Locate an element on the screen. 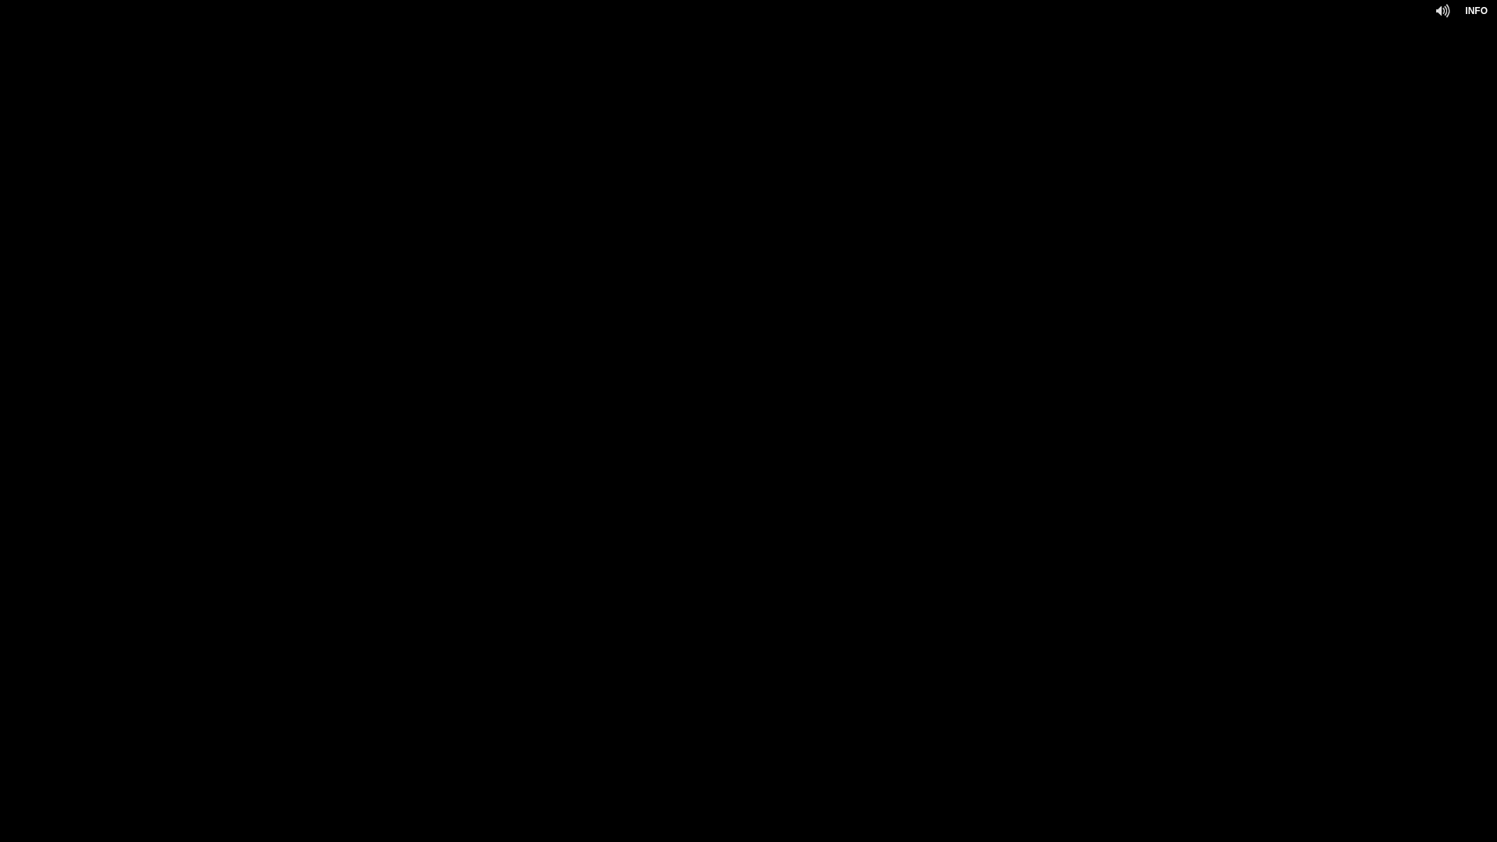 Image resolution: width=1497 pixels, height=842 pixels. 'INFO' is located at coordinates (1475, 11).